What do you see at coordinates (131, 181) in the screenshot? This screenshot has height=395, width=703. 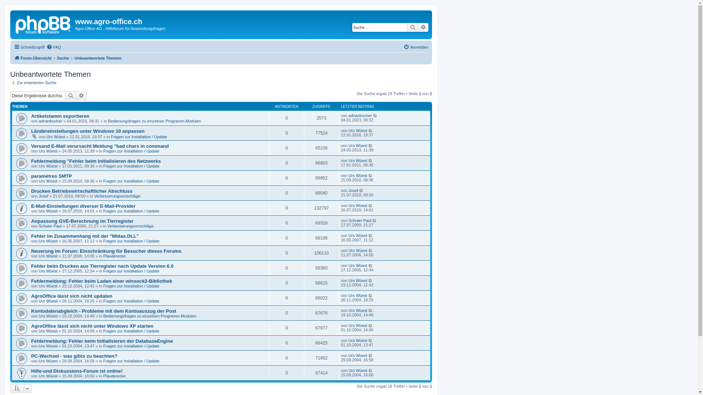 I see `'Fragen zur Installation / Update'` at bounding box center [131, 181].